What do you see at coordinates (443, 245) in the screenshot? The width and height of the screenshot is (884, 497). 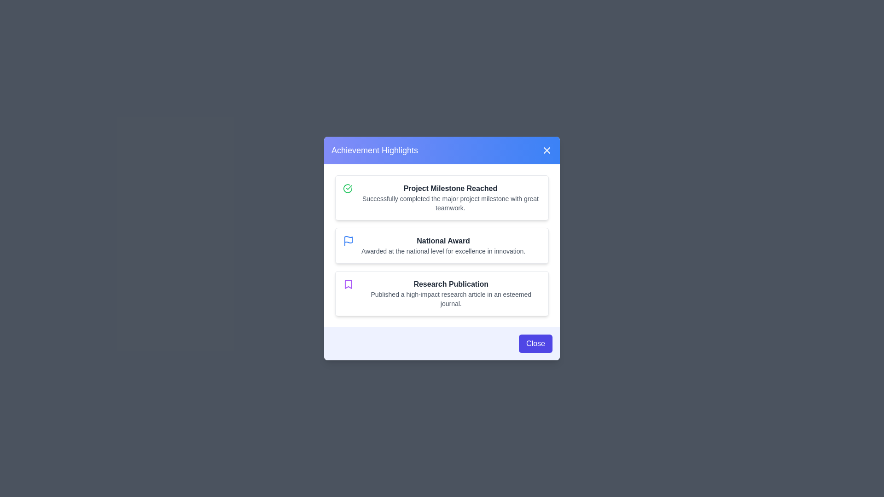 I see `the informative text element displaying the award heading and description, located between 'Project Milestone Reached' and 'Research Publication' in the dialog box` at bounding box center [443, 245].